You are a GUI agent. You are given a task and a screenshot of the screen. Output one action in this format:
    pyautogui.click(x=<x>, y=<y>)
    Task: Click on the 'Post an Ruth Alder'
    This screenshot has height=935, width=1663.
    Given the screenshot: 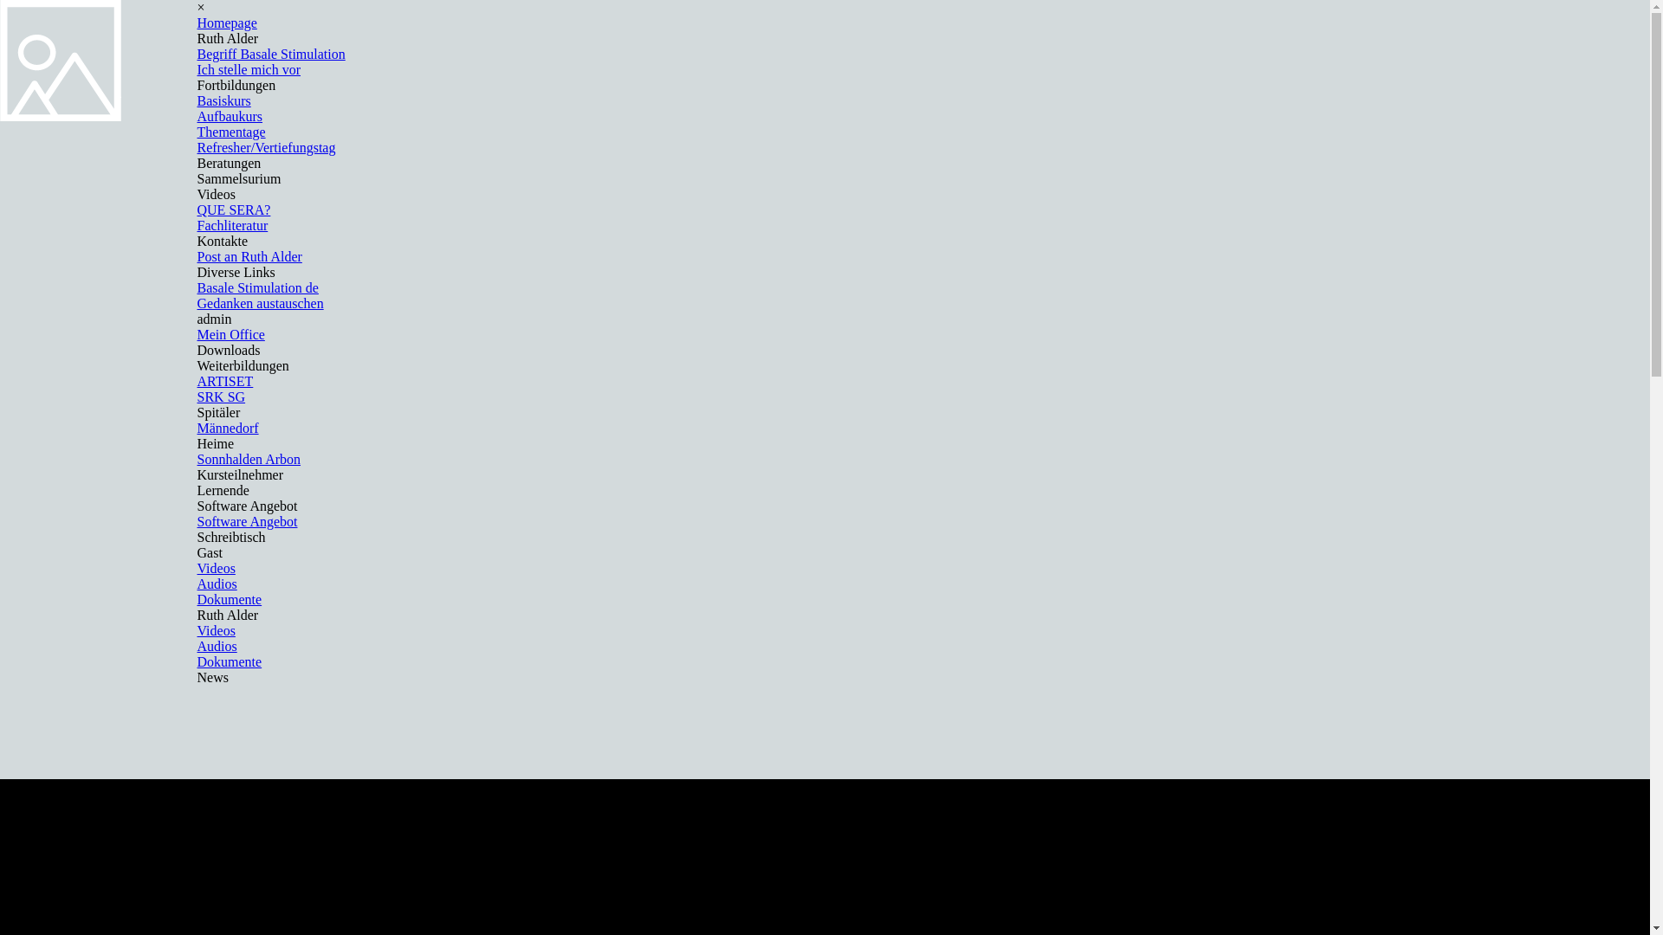 What is the action you would take?
    pyautogui.click(x=249, y=256)
    